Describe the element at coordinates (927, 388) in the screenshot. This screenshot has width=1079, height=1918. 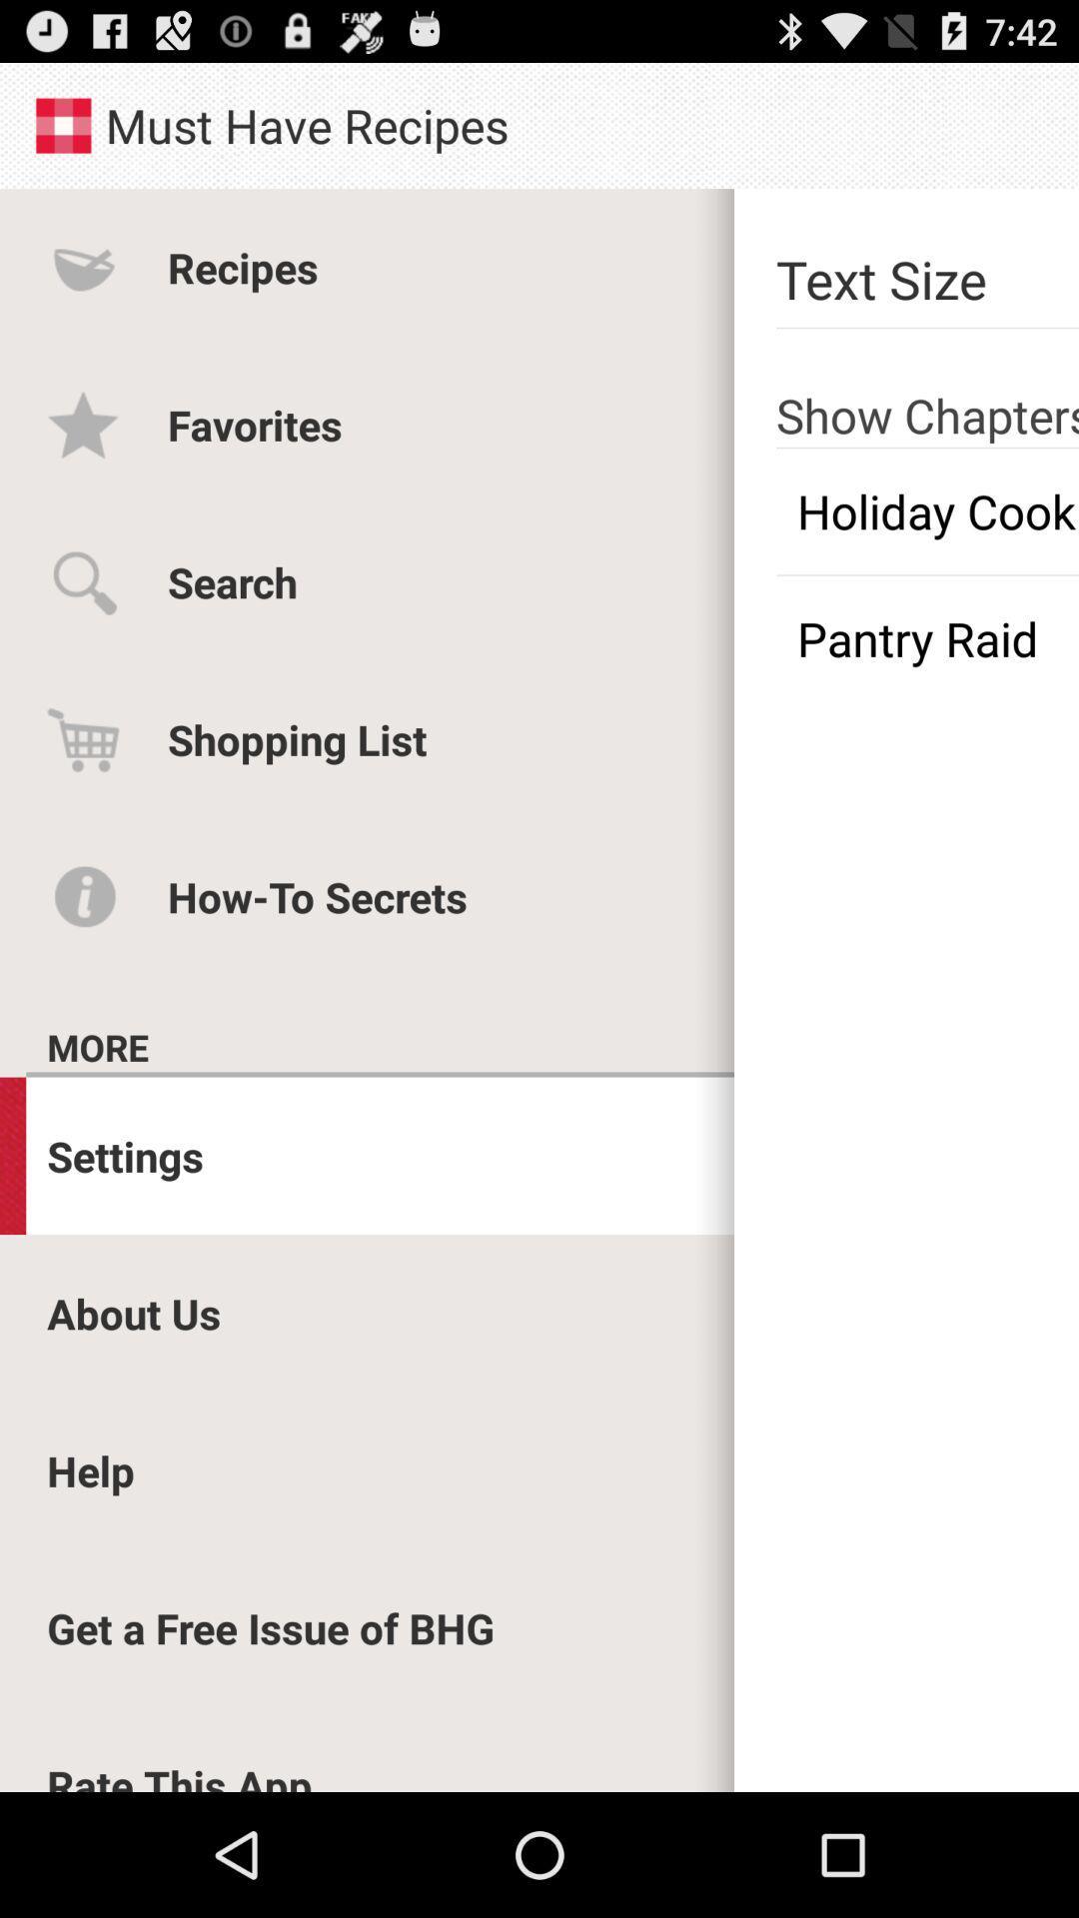
I see `icon to the right of the favorites` at that location.